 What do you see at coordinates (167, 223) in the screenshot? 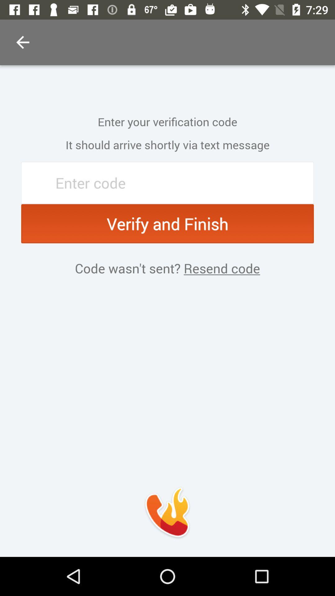
I see `the icon above code wasn t icon` at bounding box center [167, 223].